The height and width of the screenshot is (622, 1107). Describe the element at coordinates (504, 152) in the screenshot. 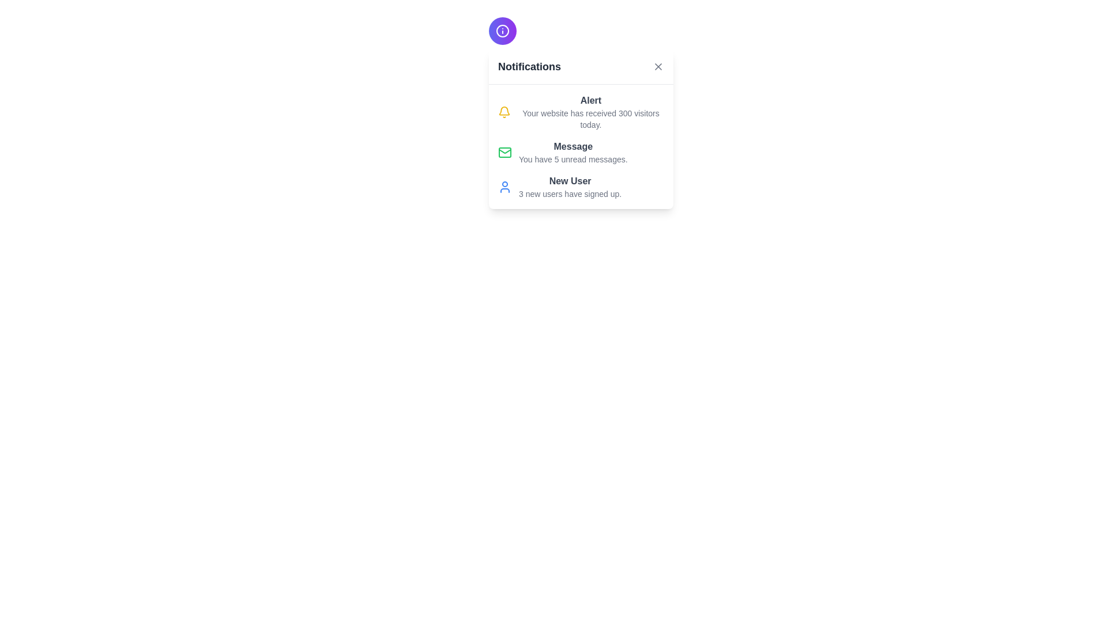

I see `inner rectangle of the envelope icon representing the 'Message' notification in the notification panel by using developer tools` at that location.